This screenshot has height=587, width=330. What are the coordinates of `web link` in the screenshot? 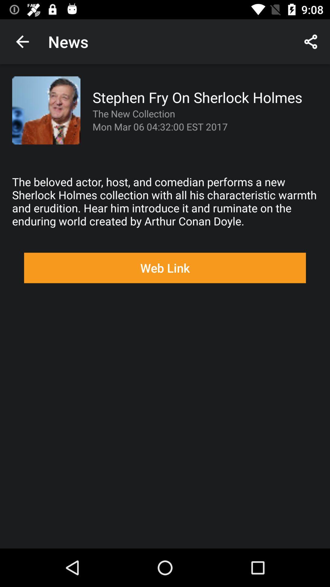 It's located at (165, 268).